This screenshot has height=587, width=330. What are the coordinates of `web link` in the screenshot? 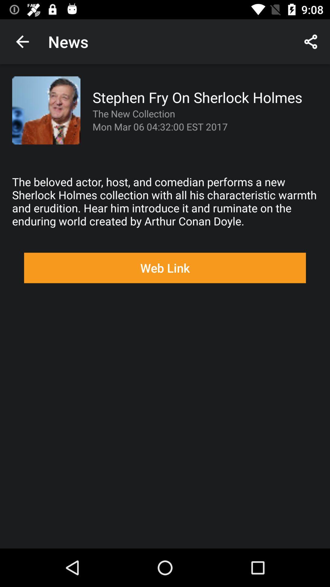 It's located at (165, 268).